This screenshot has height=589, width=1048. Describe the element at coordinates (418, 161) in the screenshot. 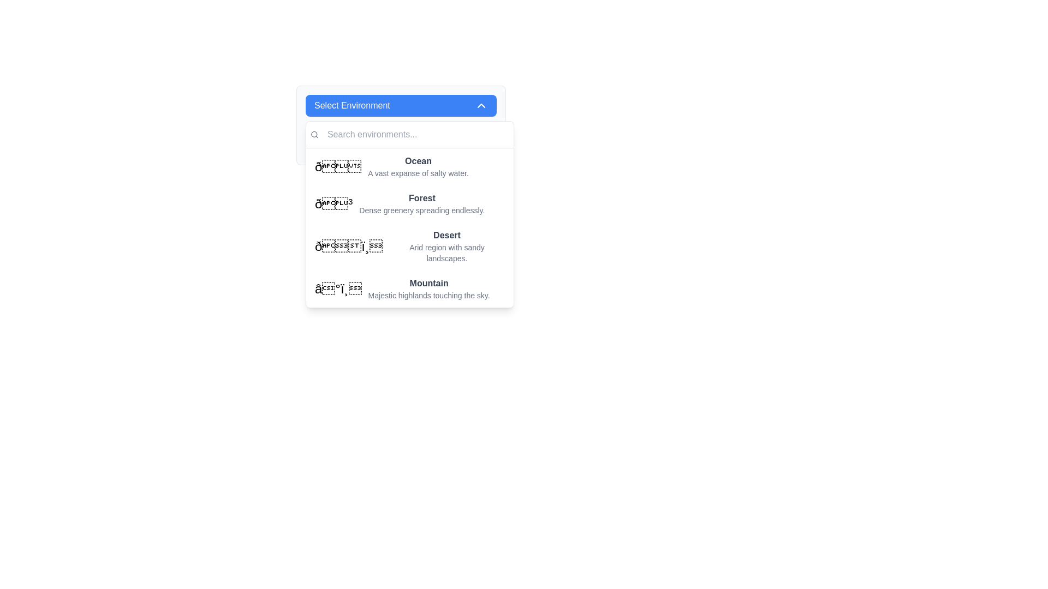

I see `the 'Ocean' text label element, which is the first entry in the list of selectable environments and is displayed in bold gray font` at that location.